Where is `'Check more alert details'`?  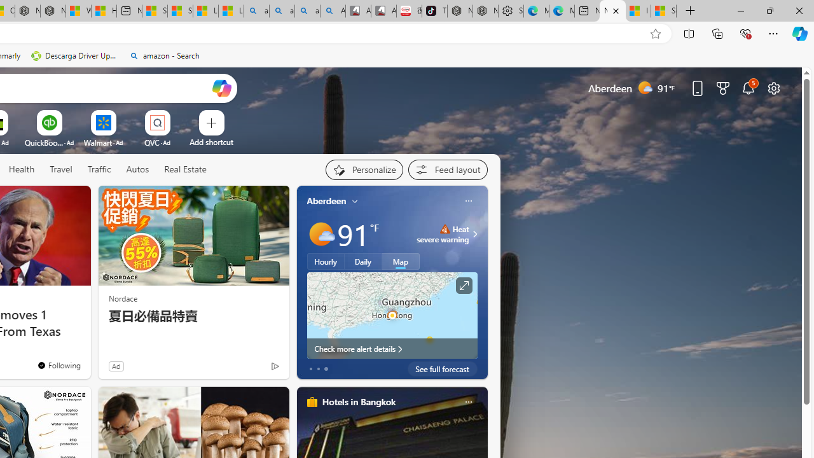 'Check more alert details' is located at coordinates (391, 348).